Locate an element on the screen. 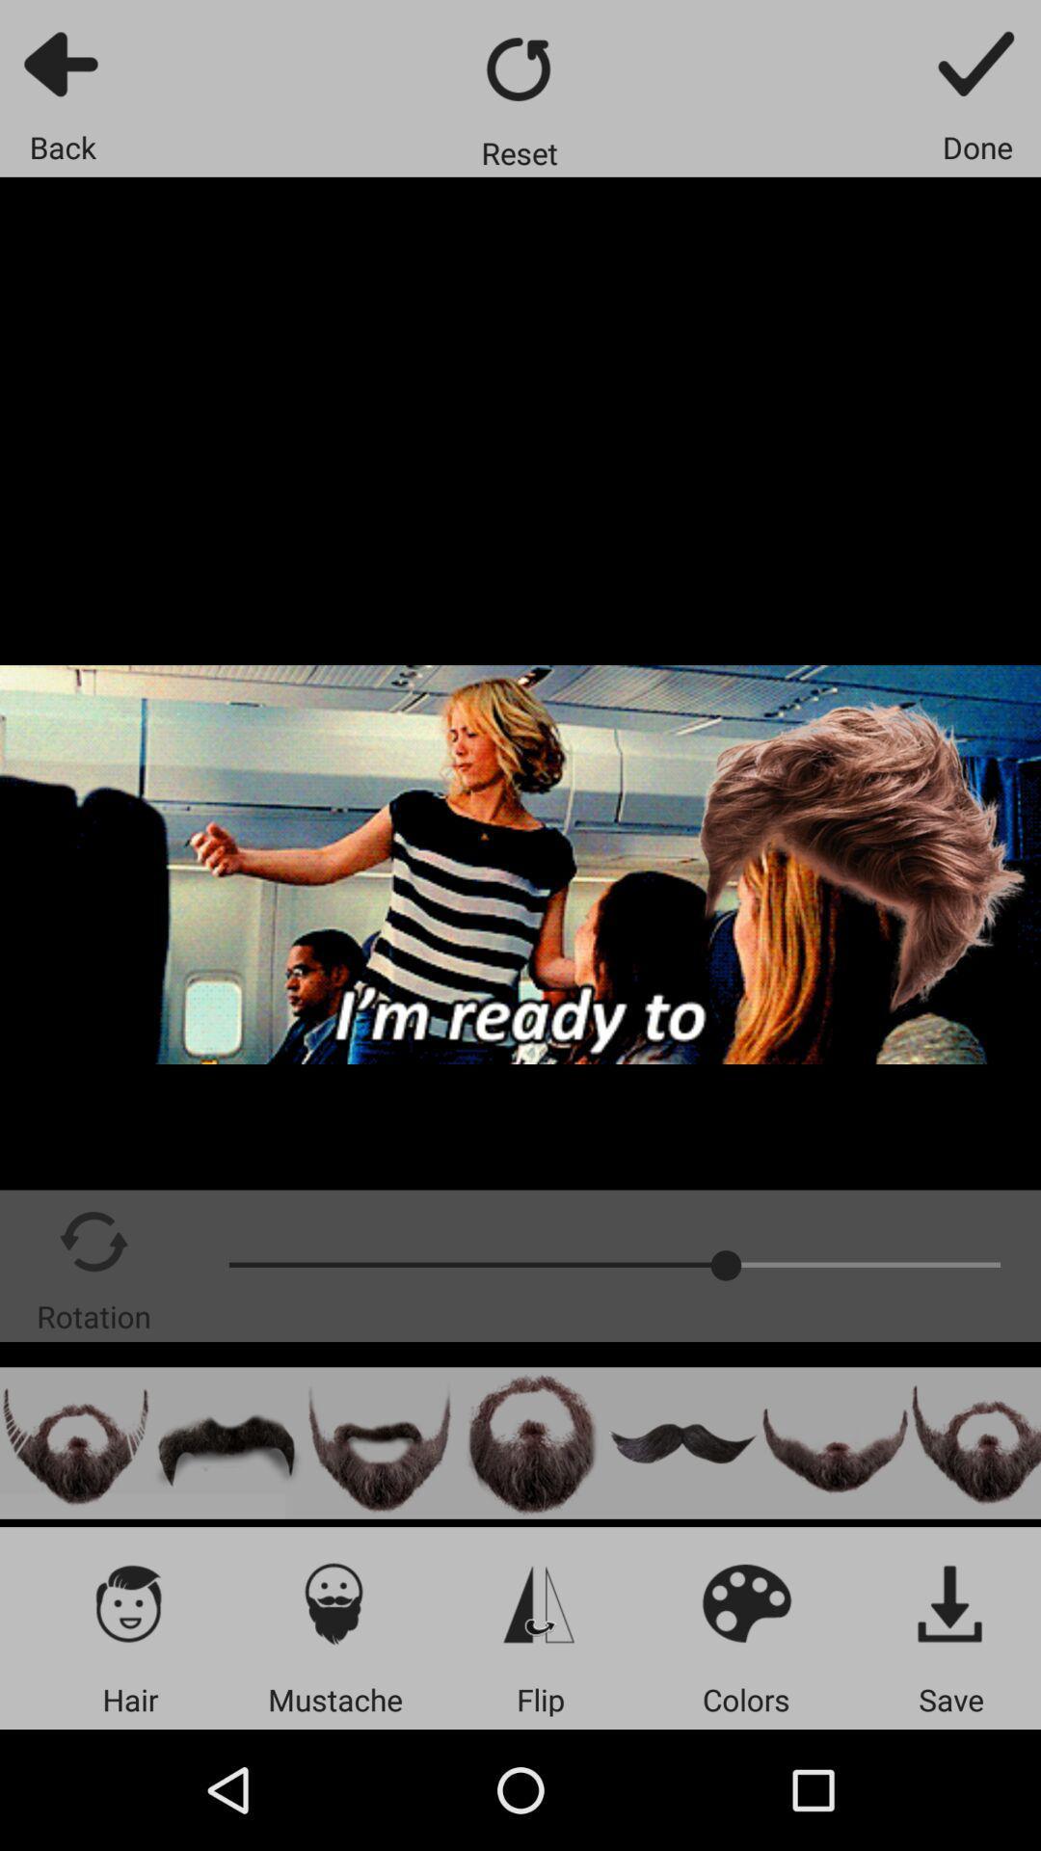 This screenshot has height=1851, width=1041. the icon above the mustache app is located at coordinates (334, 1602).